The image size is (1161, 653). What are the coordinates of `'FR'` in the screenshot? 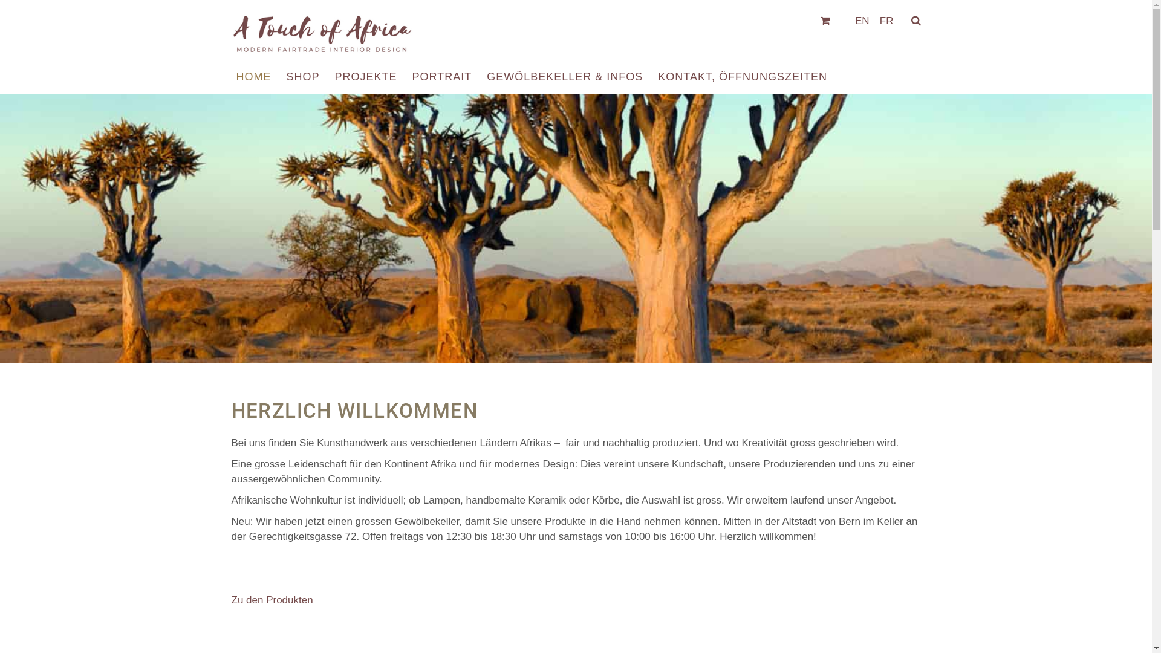 It's located at (885, 21).